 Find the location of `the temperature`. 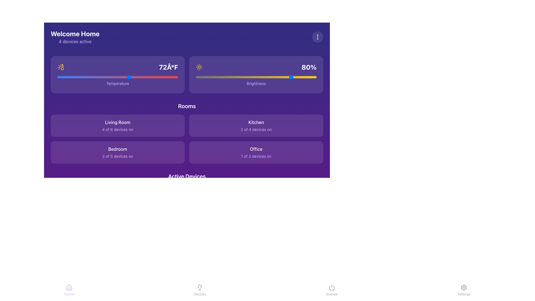

the temperature is located at coordinates (69, 77).